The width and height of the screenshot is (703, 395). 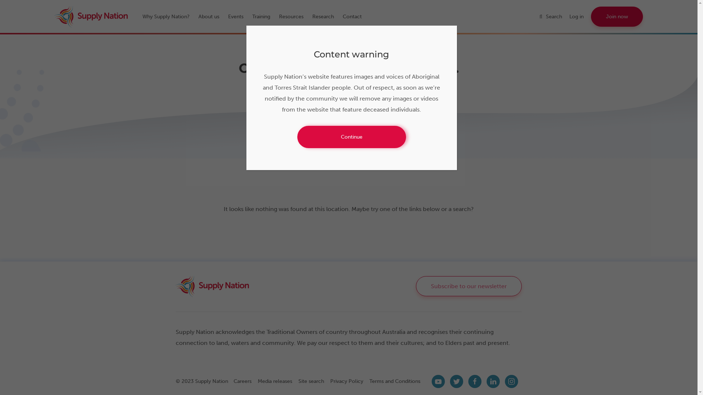 I want to click on 'Contact', so click(x=356, y=16).